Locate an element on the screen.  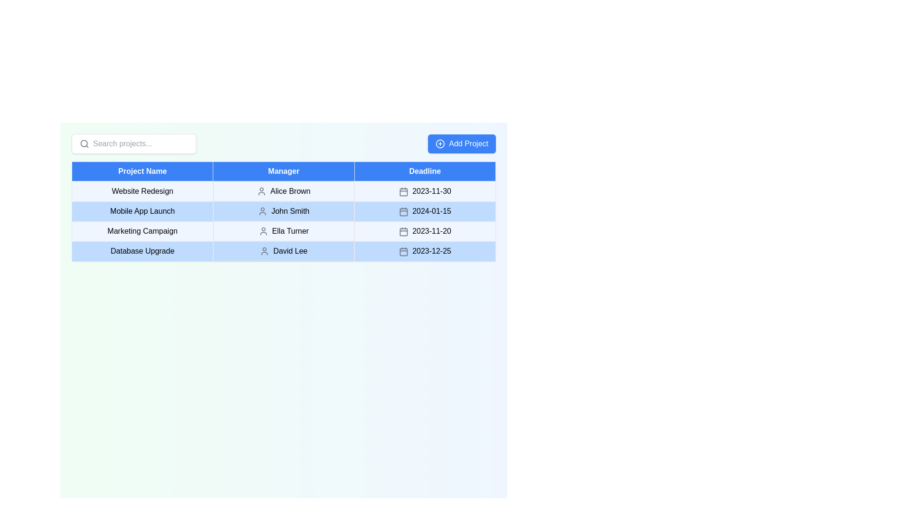
the calendar icon located in the 'Deadline' column of the third row, positioned to the left of the date '2023-11-20' is located at coordinates (403, 231).